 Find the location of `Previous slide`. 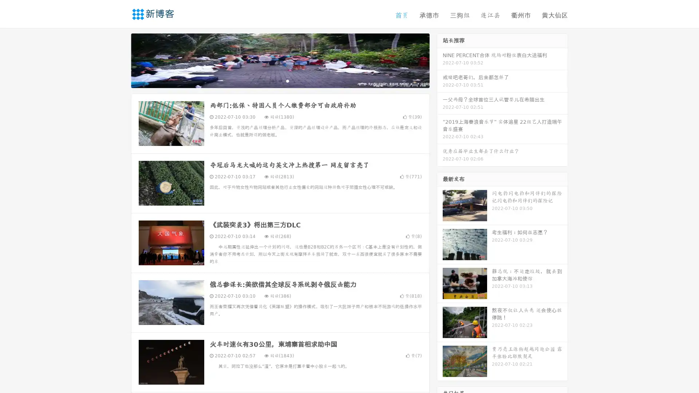

Previous slide is located at coordinates (120, 61).